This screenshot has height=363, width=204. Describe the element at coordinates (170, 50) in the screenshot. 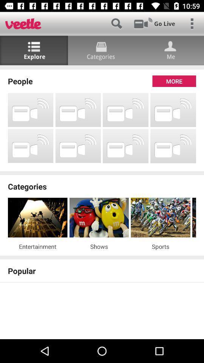

I see `it is identify the person` at that location.